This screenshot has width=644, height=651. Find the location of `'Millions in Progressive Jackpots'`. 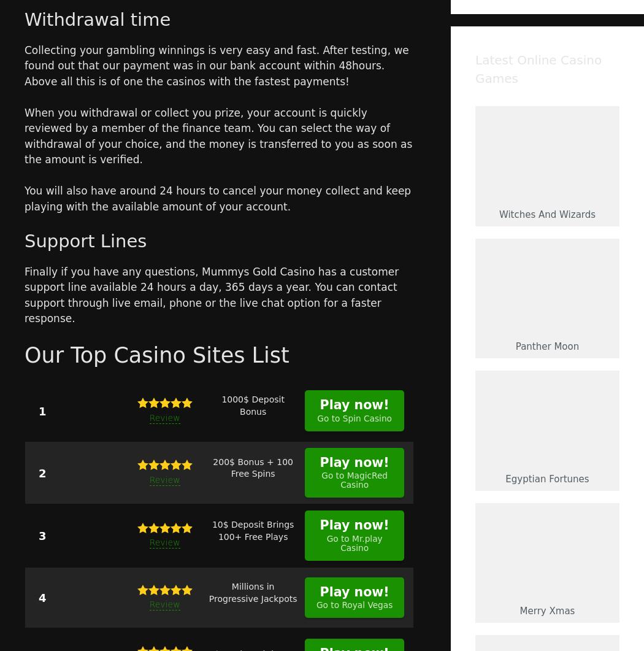

'Millions in Progressive Jackpots' is located at coordinates (253, 591).